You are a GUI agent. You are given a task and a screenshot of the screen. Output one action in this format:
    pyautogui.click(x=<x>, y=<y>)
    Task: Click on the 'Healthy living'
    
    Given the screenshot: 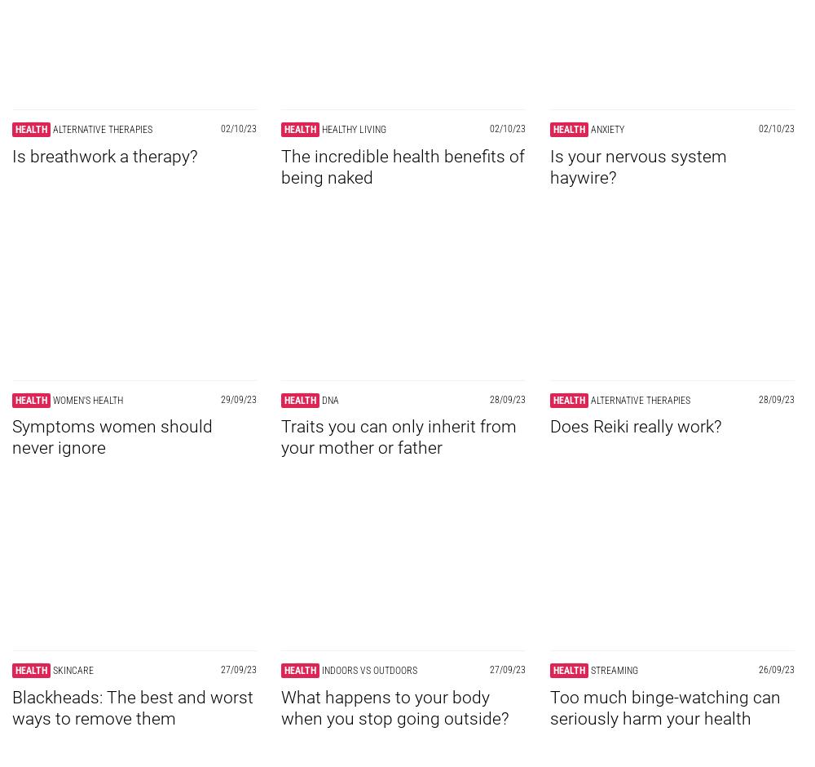 What is the action you would take?
    pyautogui.click(x=354, y=129)
    